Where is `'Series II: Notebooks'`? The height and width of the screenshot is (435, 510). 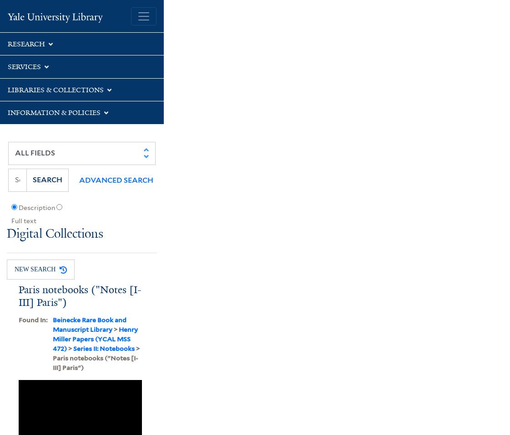
'Series II: Notebooks' is located at coordinates (103, 348).